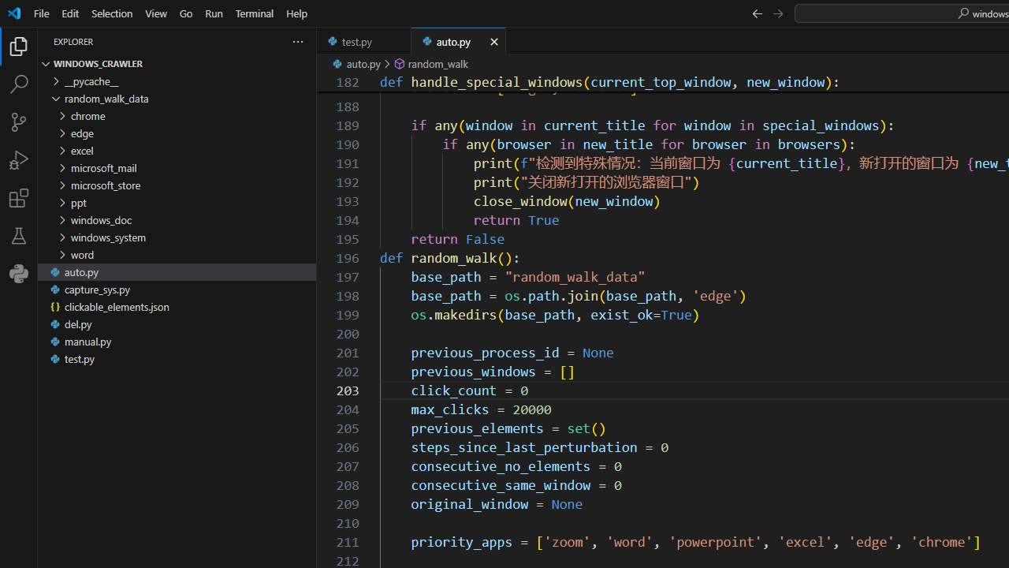  I want to click on 'Search (Ctrl+Shift+F)', so click(19, 84).